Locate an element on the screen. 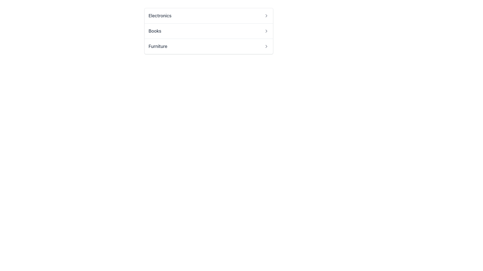 Image resolution: width=483 pixels, height=271 pixels. the chevron icon next to the 'Furniture' label in the third row of the vertical list is located at coordinates (266, 46).